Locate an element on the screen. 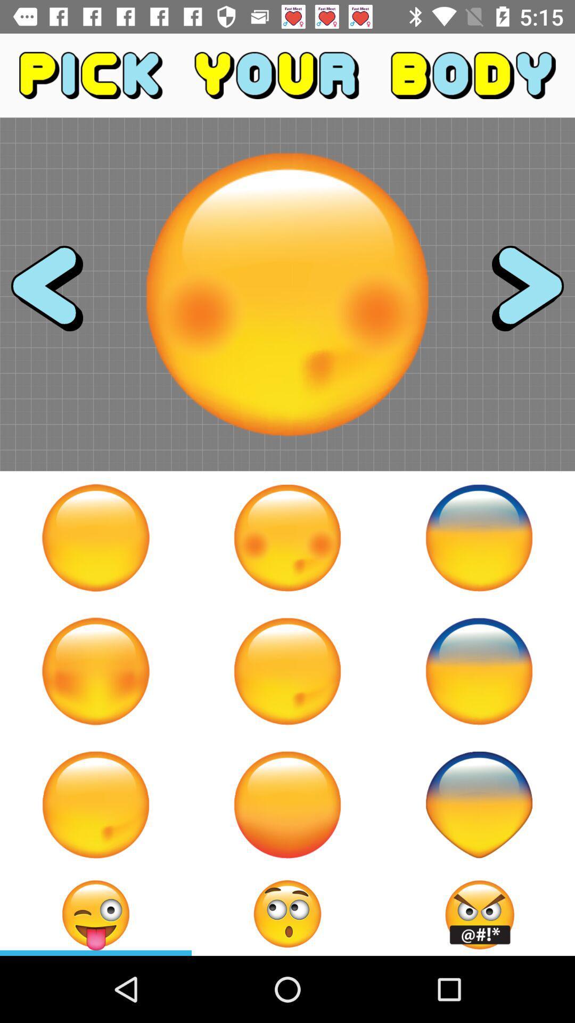 The height and width of the screenshot is (1023, 575). body is located at coordinates (478, 805).